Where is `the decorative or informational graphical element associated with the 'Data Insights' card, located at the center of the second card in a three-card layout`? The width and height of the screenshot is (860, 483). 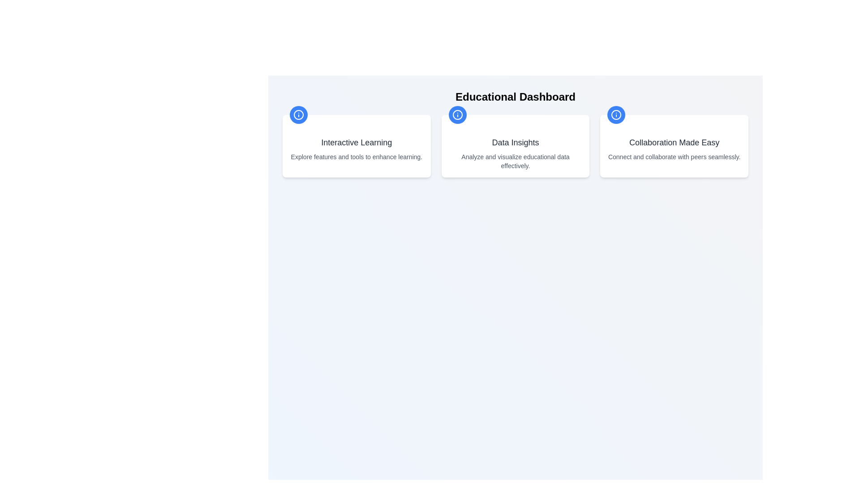
the decorative or informational graphical element associated with the 'Data Insights' card, located at the center of the second card in a three-card layout is located at coordinates (457, 114).